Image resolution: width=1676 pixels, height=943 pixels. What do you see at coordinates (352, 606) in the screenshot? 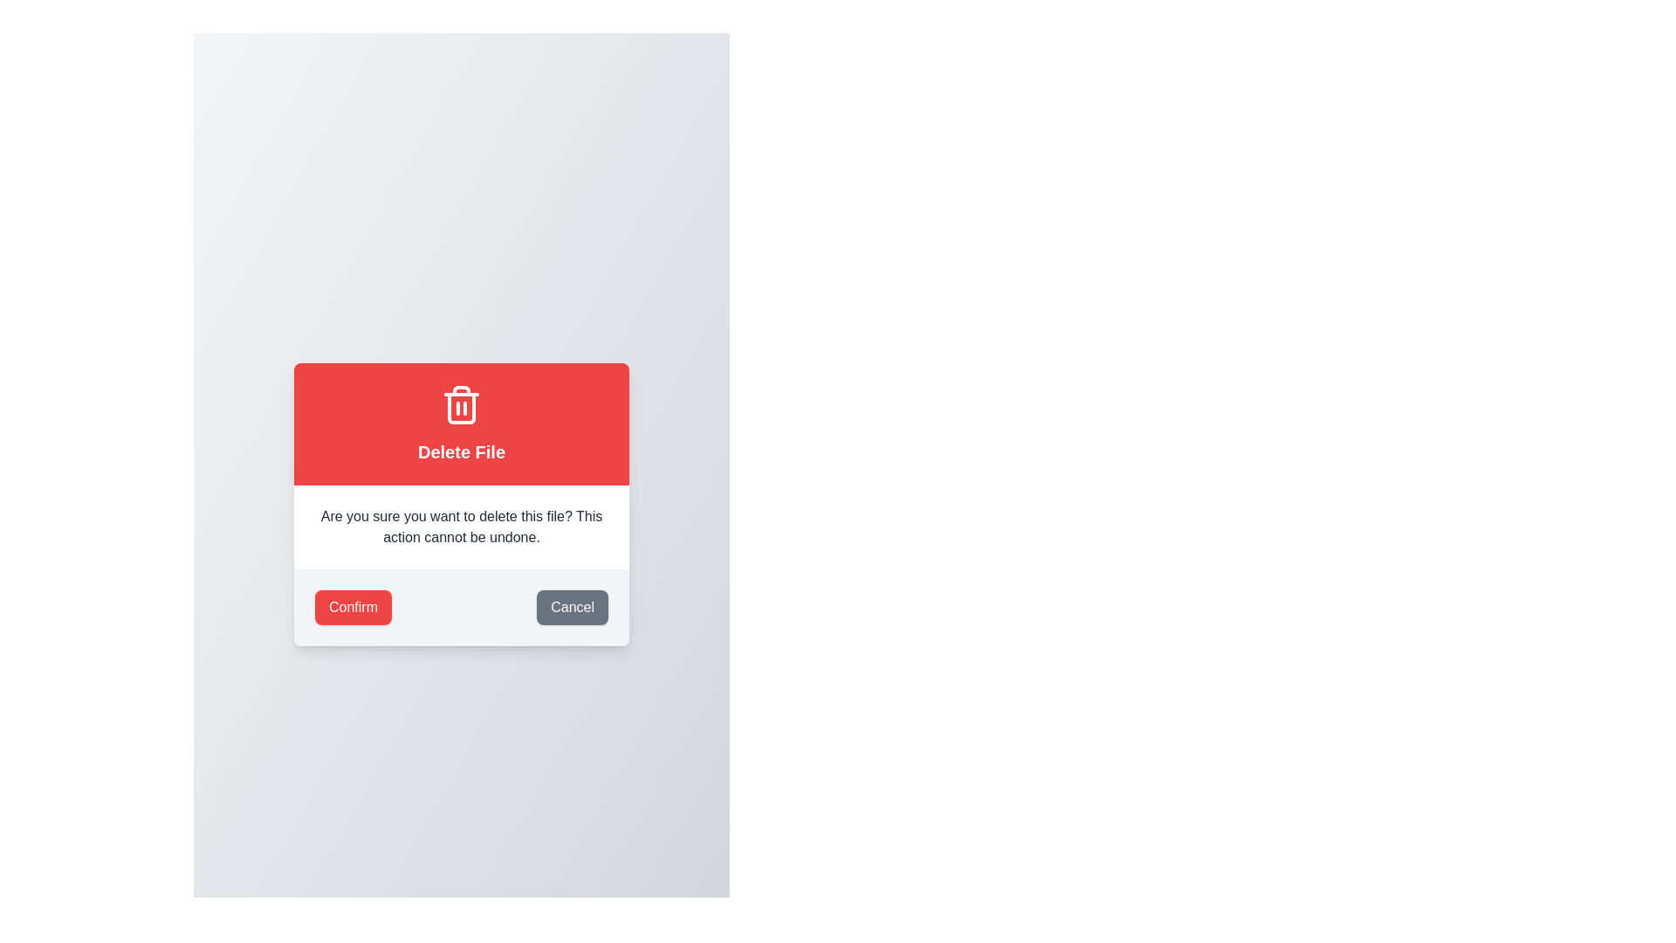
I see `the 'Confirm' button, which has a red background and white text, located at the bottom left of the confirmation dialog box` at bounding box center [352, 606].